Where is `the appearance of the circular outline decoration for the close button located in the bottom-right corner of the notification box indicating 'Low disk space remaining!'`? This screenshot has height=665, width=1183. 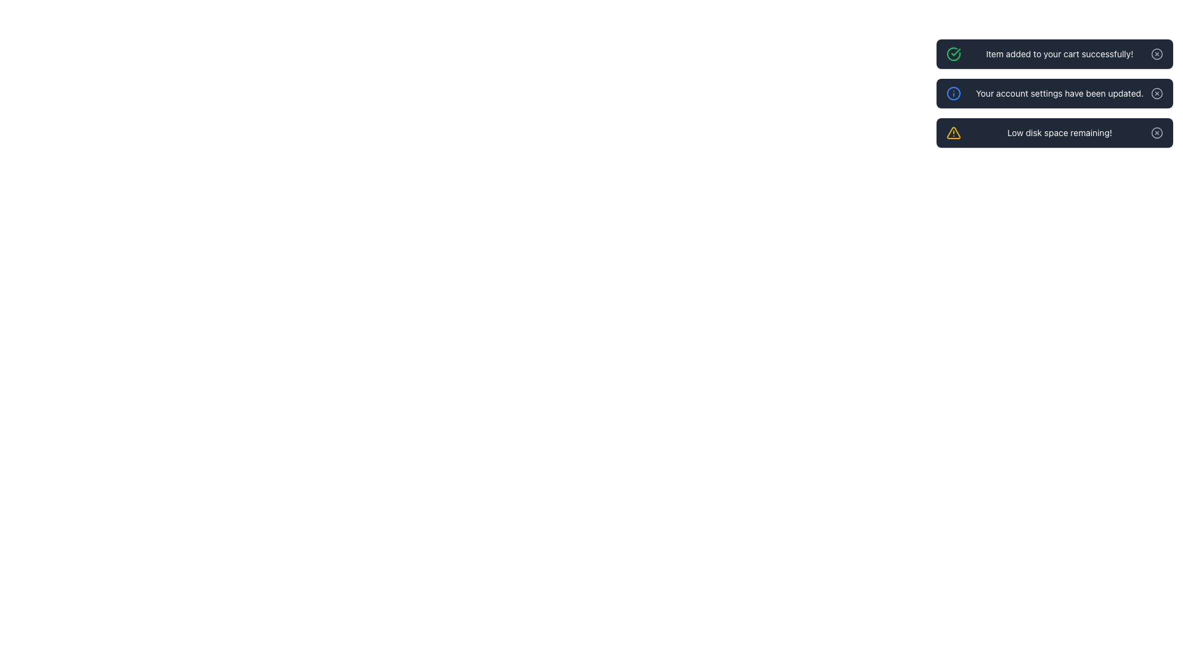
the appearance of the circular outline decoration for the close button located in the bottom-right corner of the notification box indicating 'Low disk space remaining!' is located at coordinates (1156, 133).